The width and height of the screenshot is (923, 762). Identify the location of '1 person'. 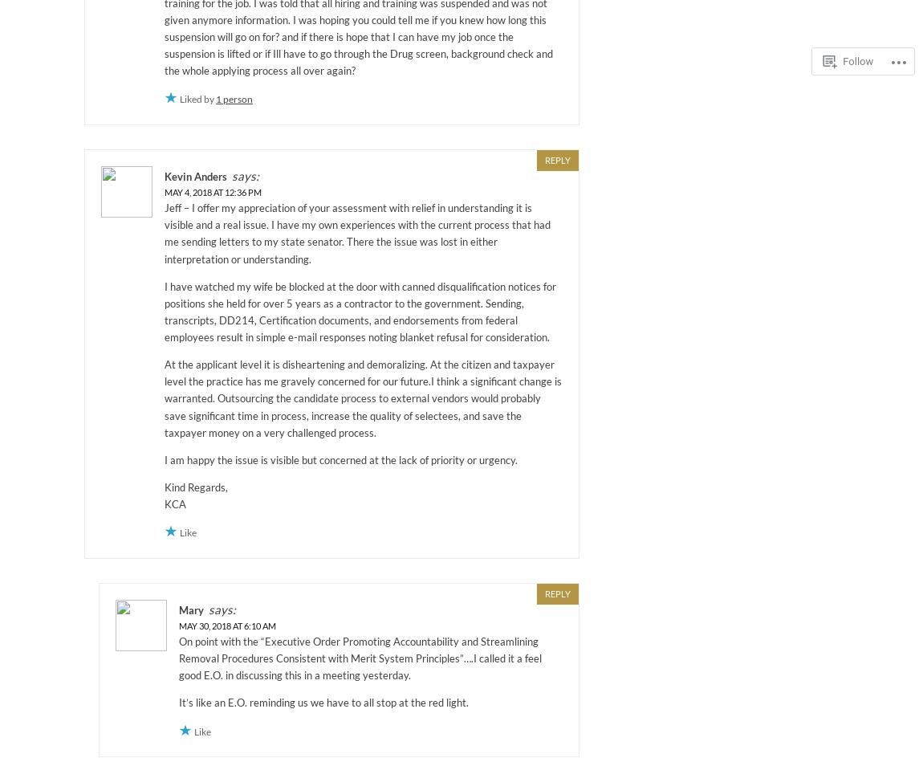
(234, 99).